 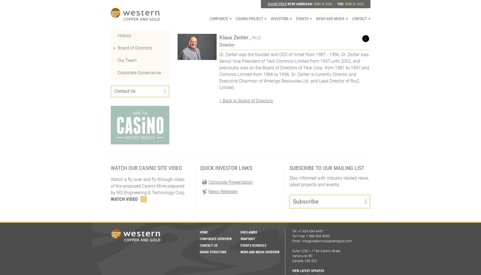 What do you see at coordinates (292, 261) in the screenshot?
I see `'Canada, V6E 3Z3'` at bounding box center [292, 261].